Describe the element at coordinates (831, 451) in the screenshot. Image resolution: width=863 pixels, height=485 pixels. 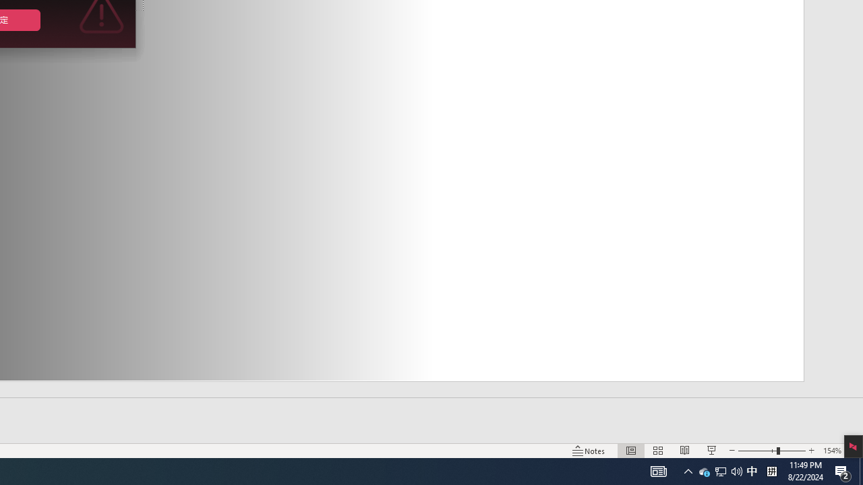
I see `'Zoom 154%'` at that location.